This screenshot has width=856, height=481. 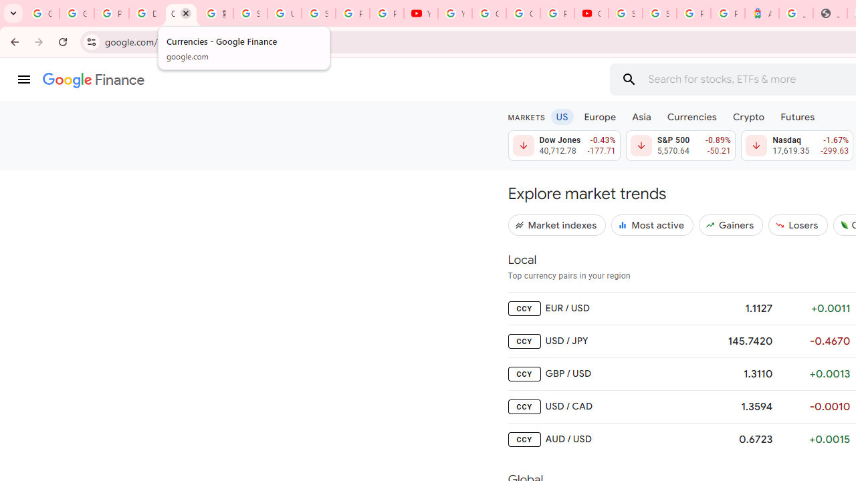 I want to click on 'Google Workspace Admin Community', so click(x=42, y=13).